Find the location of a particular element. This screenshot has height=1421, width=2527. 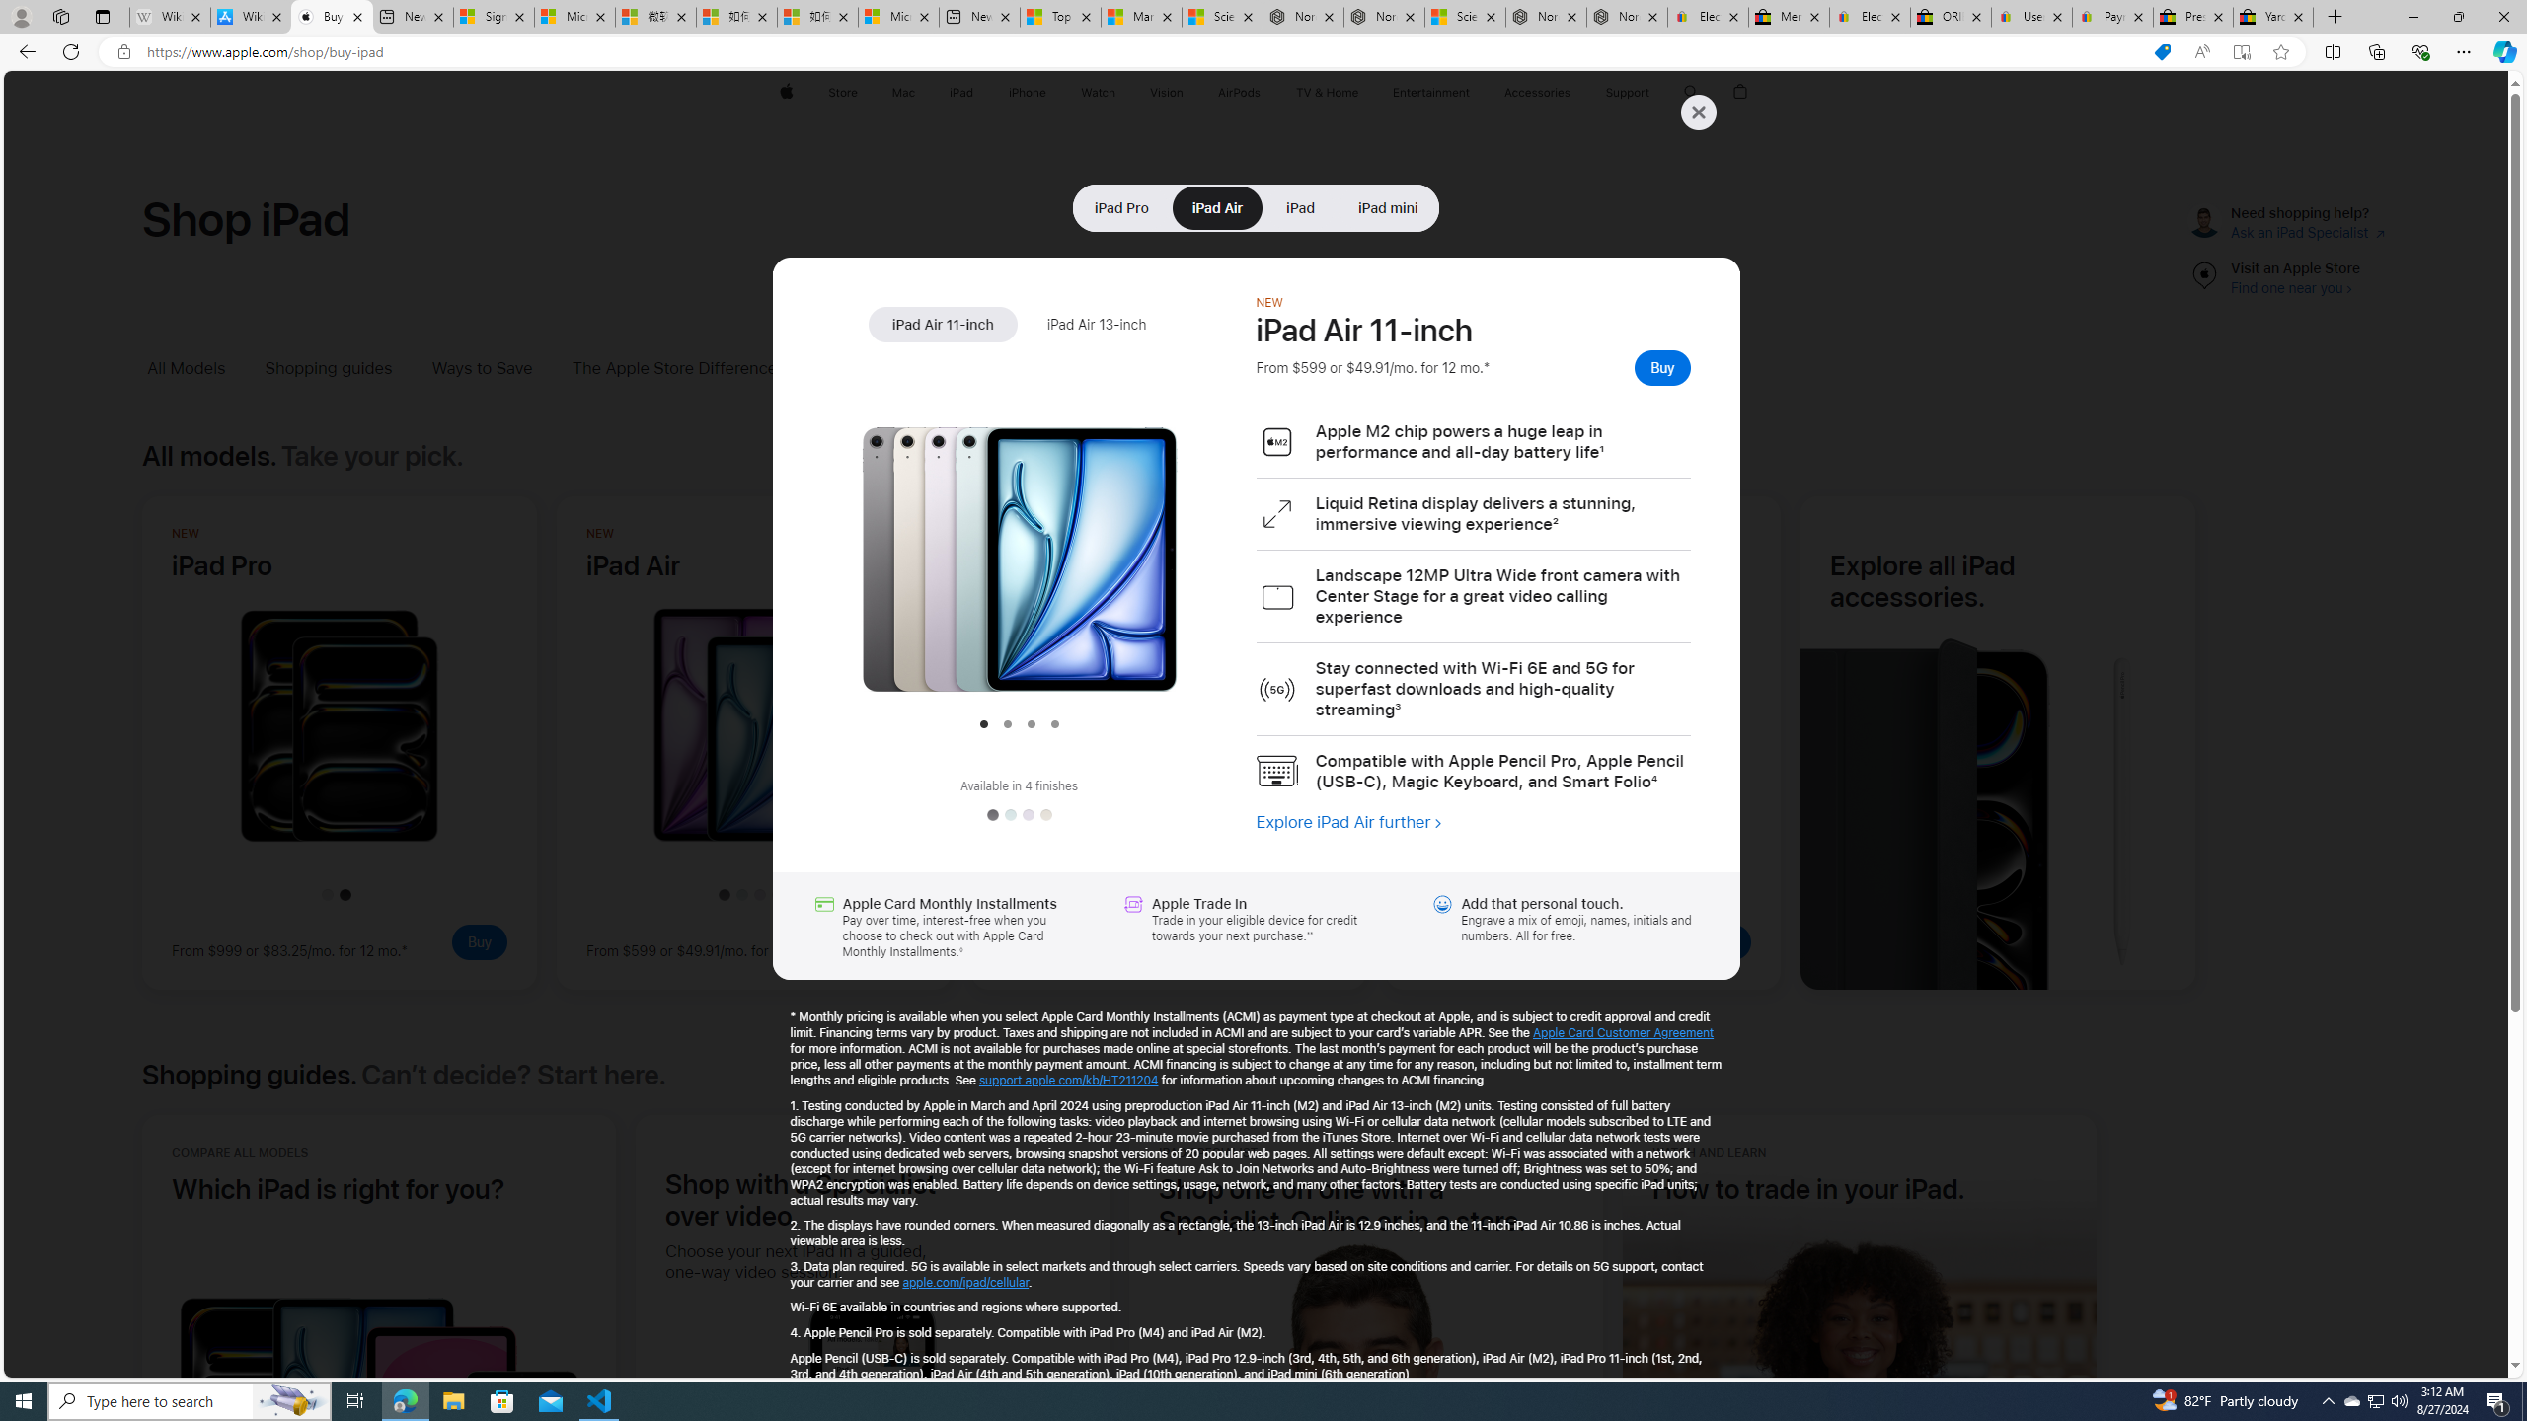

'User Privacy Notice | eBay' is located at coordinates (2031, 16).